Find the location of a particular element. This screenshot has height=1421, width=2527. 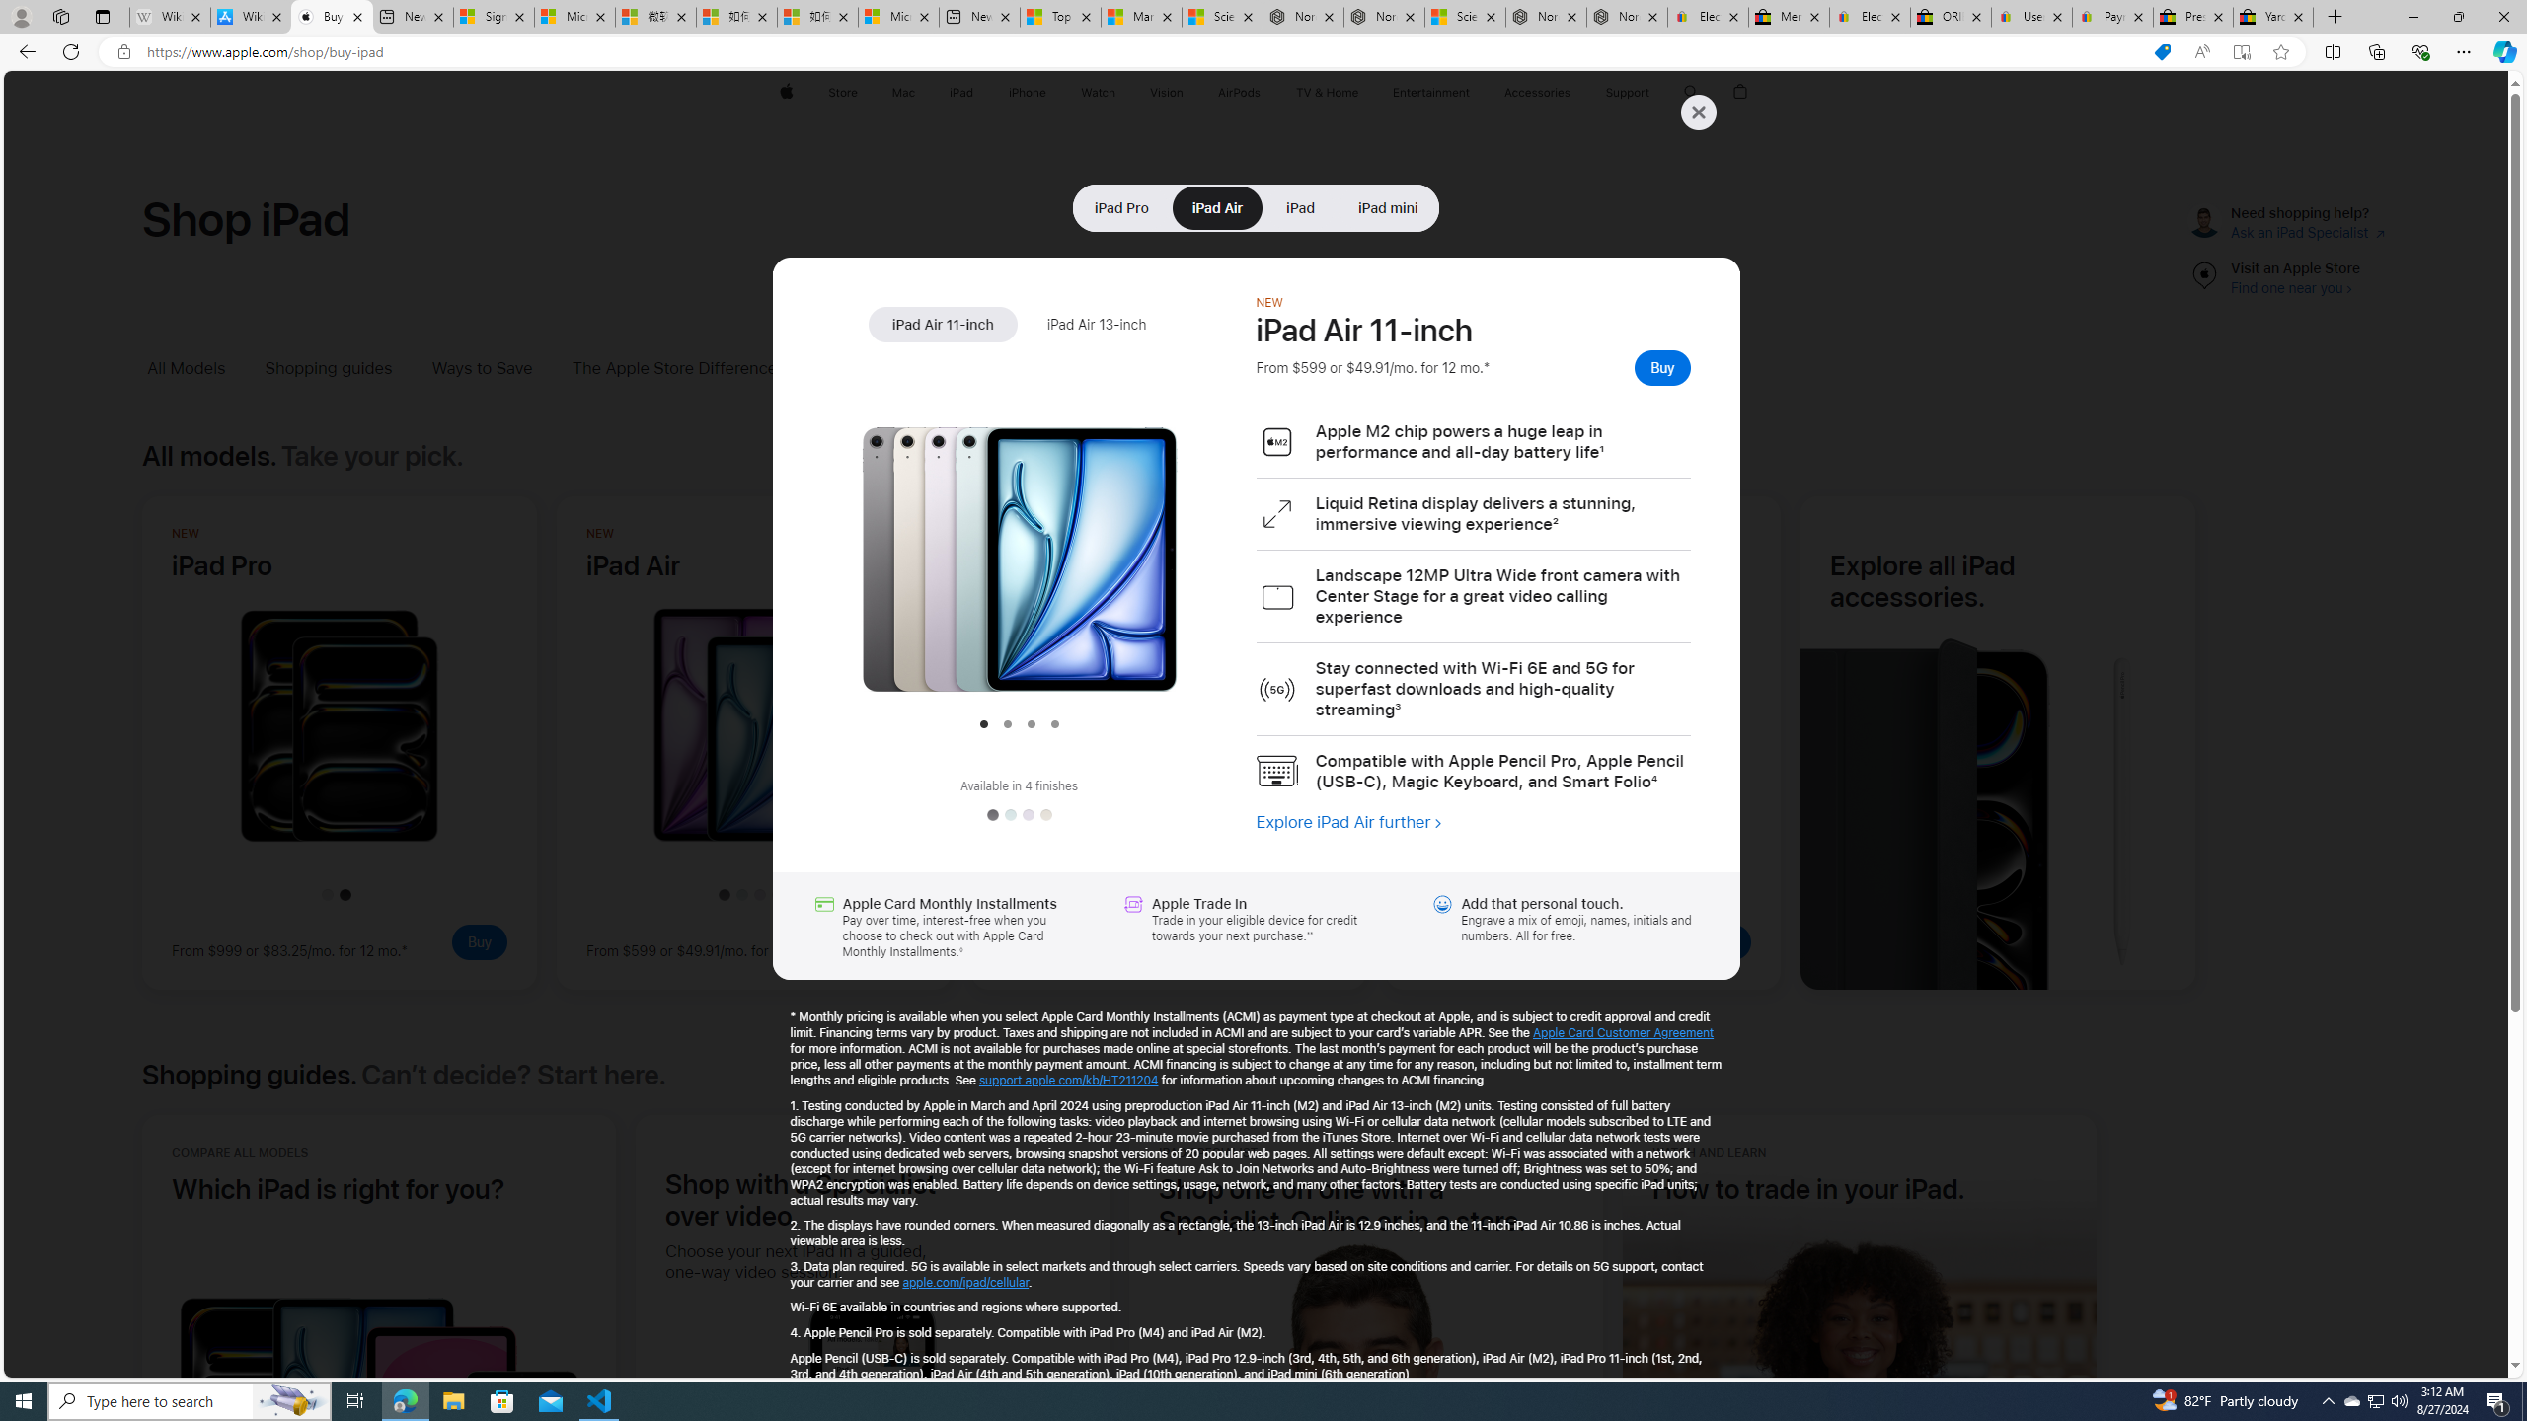

'User Privacy Notice | eBay' is located at coordinates (2031, 16).